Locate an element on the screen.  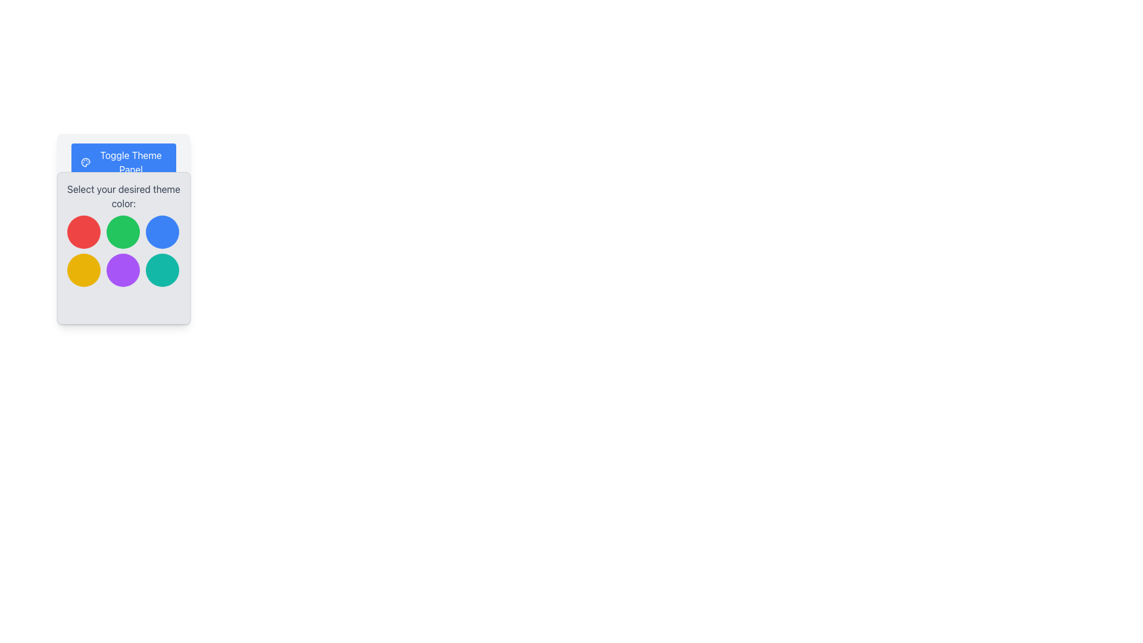
the circular palette icon located within the SVG structure to the left of the 'Toggle Theme Panel' text label, which is part of the theme switching functionality is located at coordinates (85, 163).